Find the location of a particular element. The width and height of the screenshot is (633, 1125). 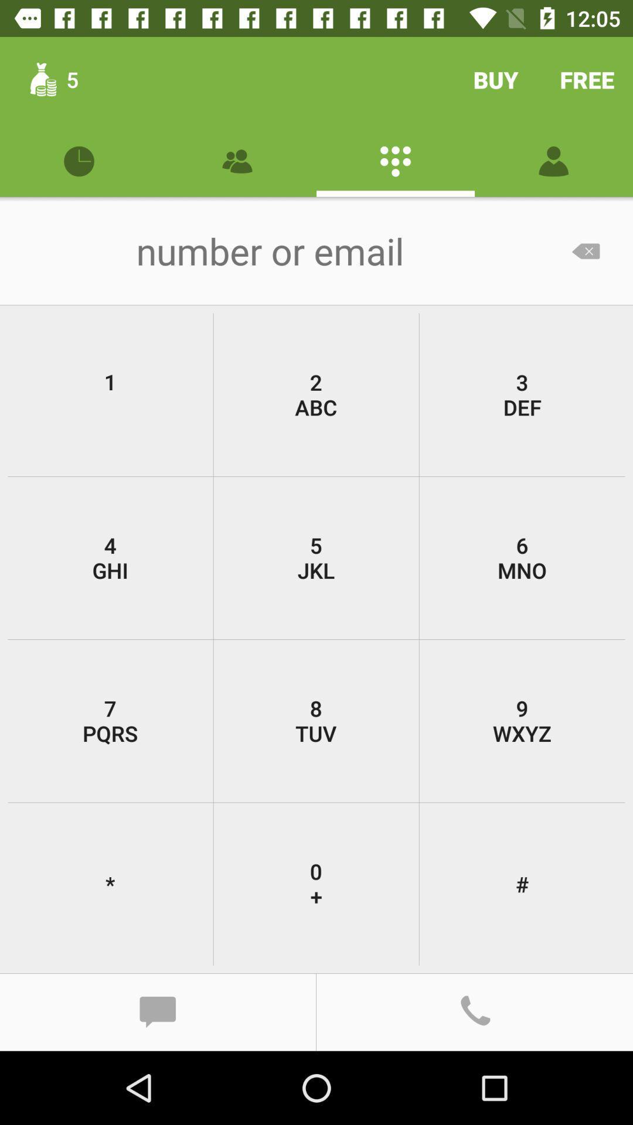

the item below 4 is located at coordinates (110, 720).